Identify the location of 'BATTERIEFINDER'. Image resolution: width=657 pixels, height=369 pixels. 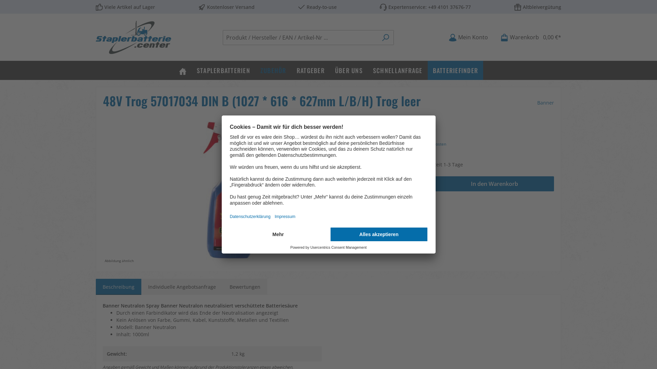
(455, 70).